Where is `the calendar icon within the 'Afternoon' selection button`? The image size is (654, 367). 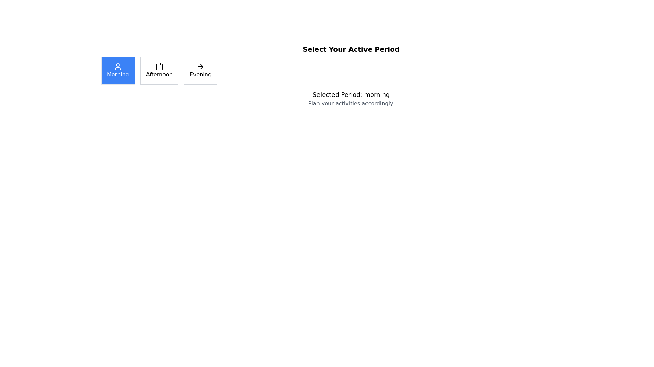
the calendar icon within the 'Afternoon' selection button is located at coordinates (159, 67).